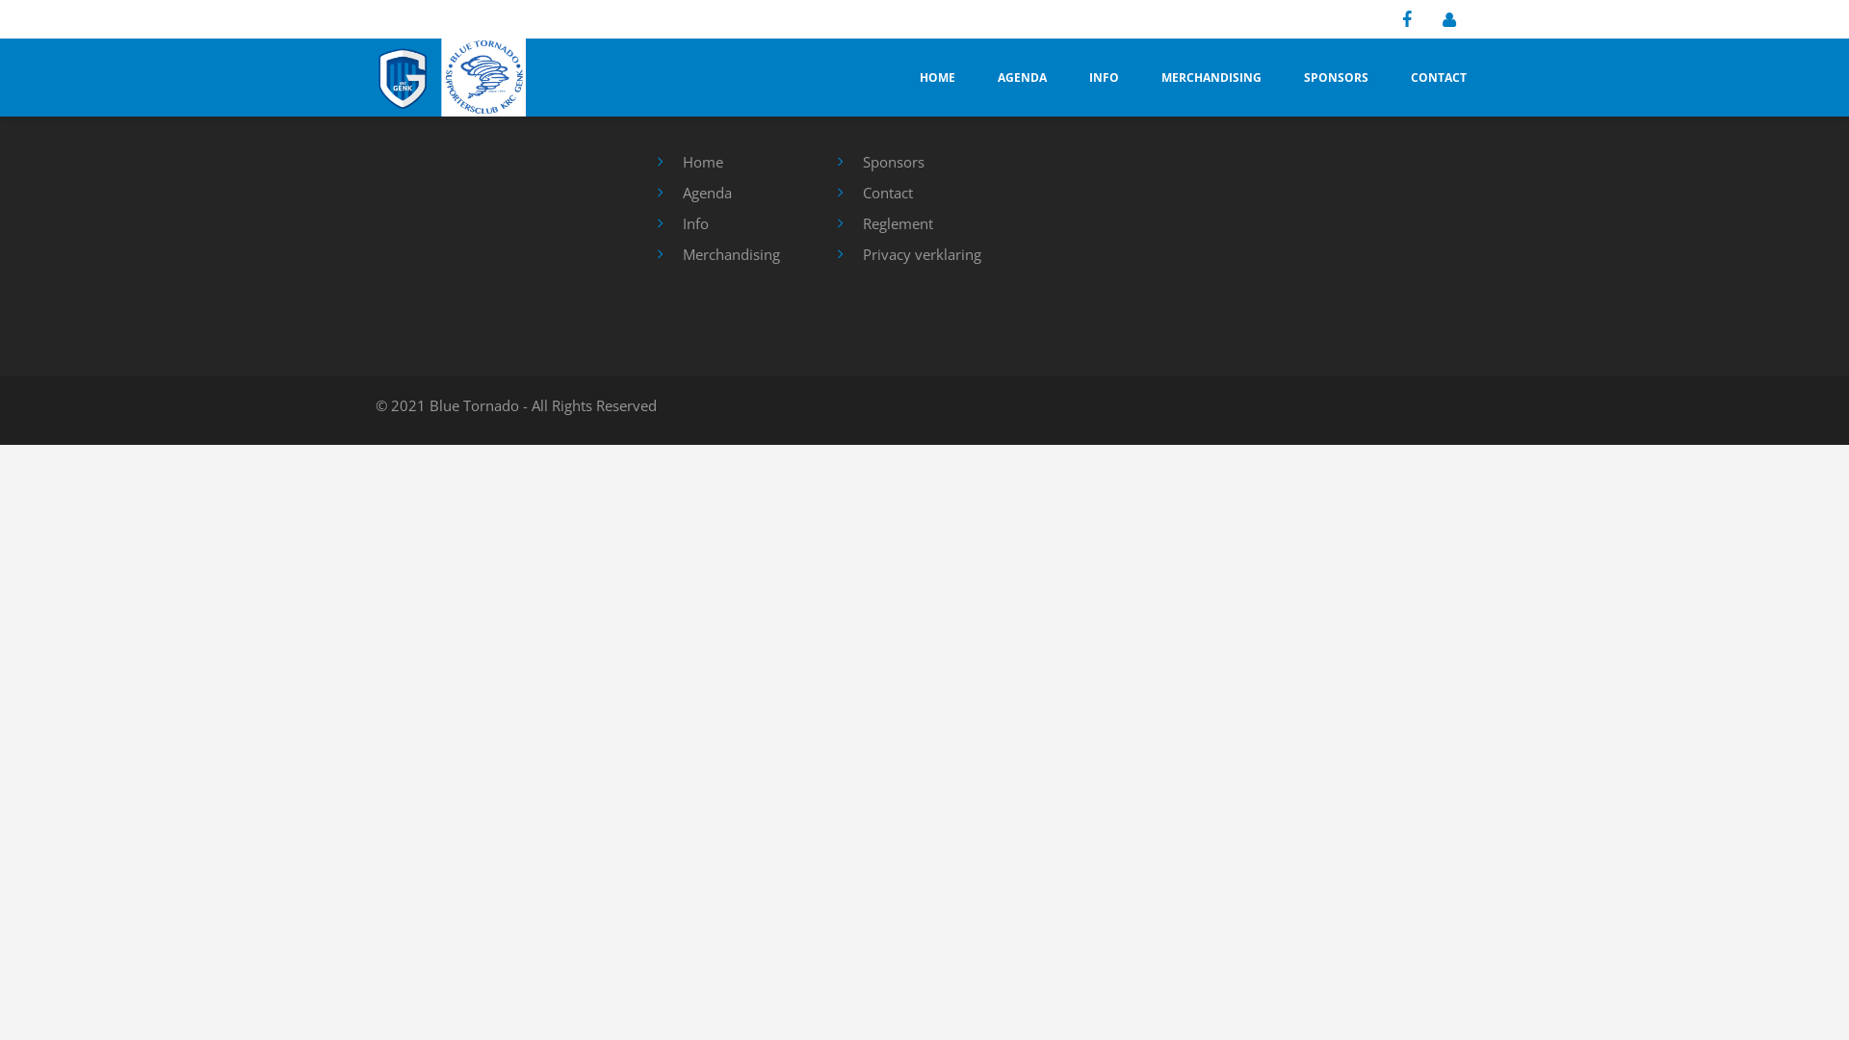  Describe the element at coordinates (886, 193) in the screenshot. I see `'Contact'` at that location.